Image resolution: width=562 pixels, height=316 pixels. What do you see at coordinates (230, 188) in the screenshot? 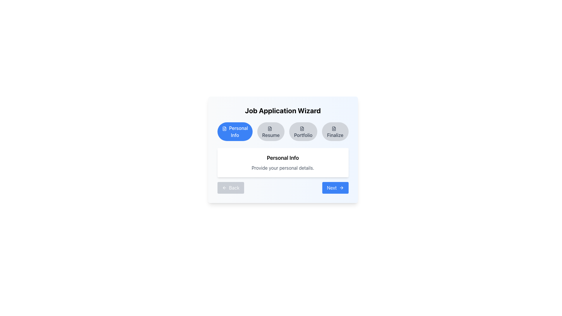
I see `the 'Previous' button located at the bottom-left of the 'Job Application Wizard' panel` at bounding box center [230, 188].